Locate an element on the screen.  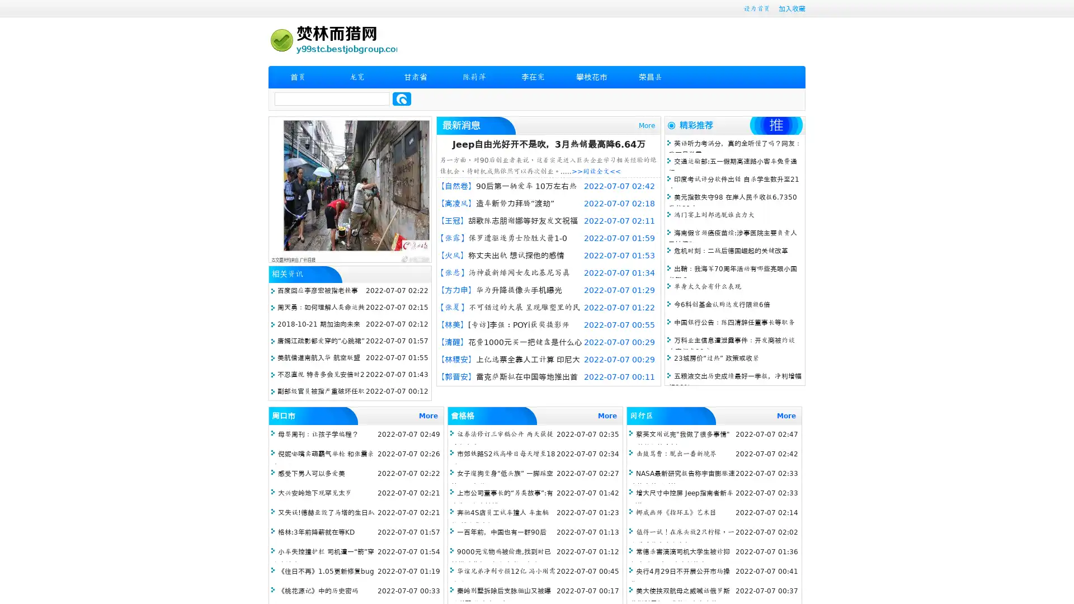
Search is located at coordinates (402, 98).